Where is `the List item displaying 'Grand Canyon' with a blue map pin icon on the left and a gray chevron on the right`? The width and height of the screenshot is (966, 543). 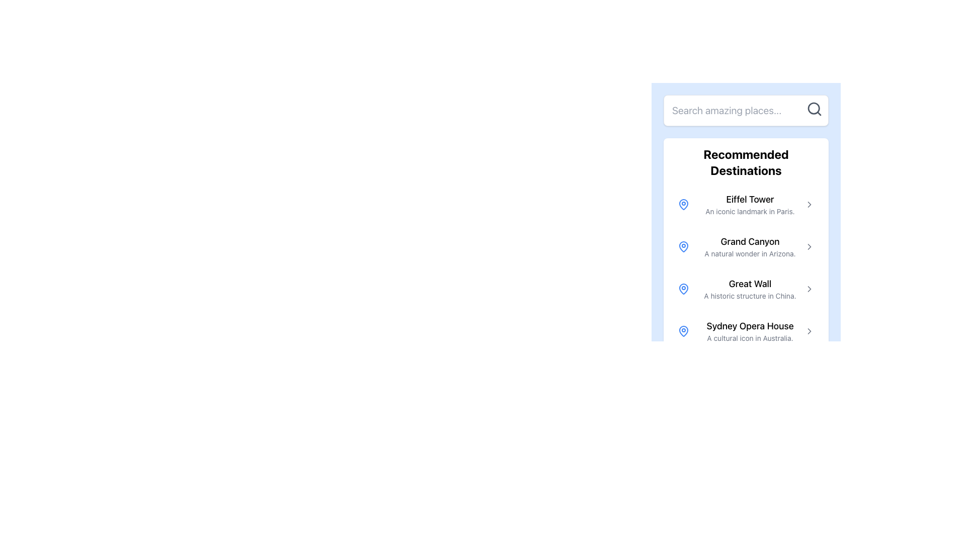 the List item displaying 'Grand Canyon' with a blue map pin icon on the left and a gray chevron on the right is located at coordinates (746, 246).